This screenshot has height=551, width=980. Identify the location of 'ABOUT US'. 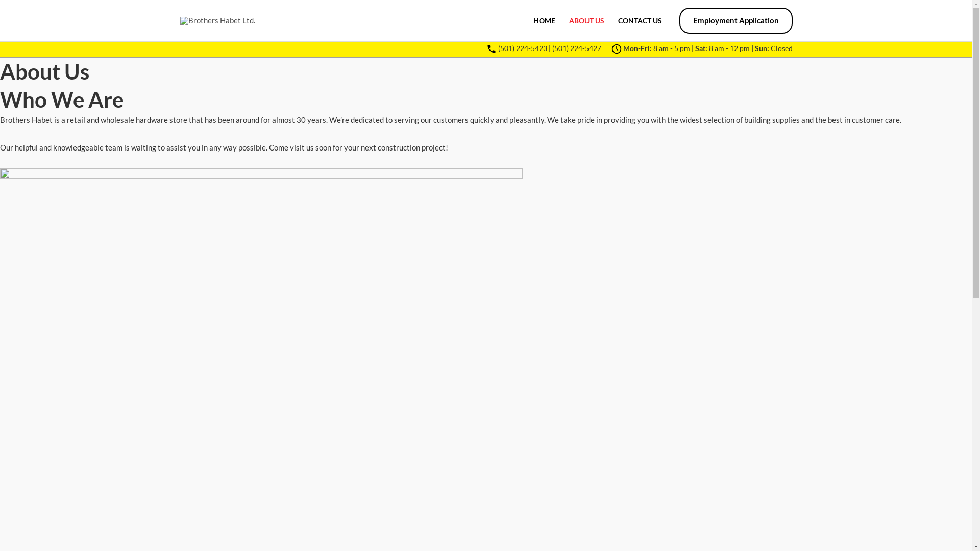
(587, 21).